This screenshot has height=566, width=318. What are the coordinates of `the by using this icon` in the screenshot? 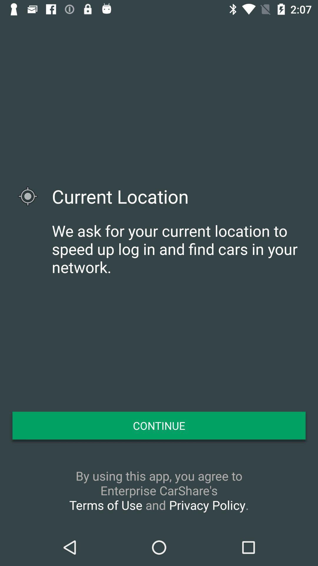 It's located at (159, 490).